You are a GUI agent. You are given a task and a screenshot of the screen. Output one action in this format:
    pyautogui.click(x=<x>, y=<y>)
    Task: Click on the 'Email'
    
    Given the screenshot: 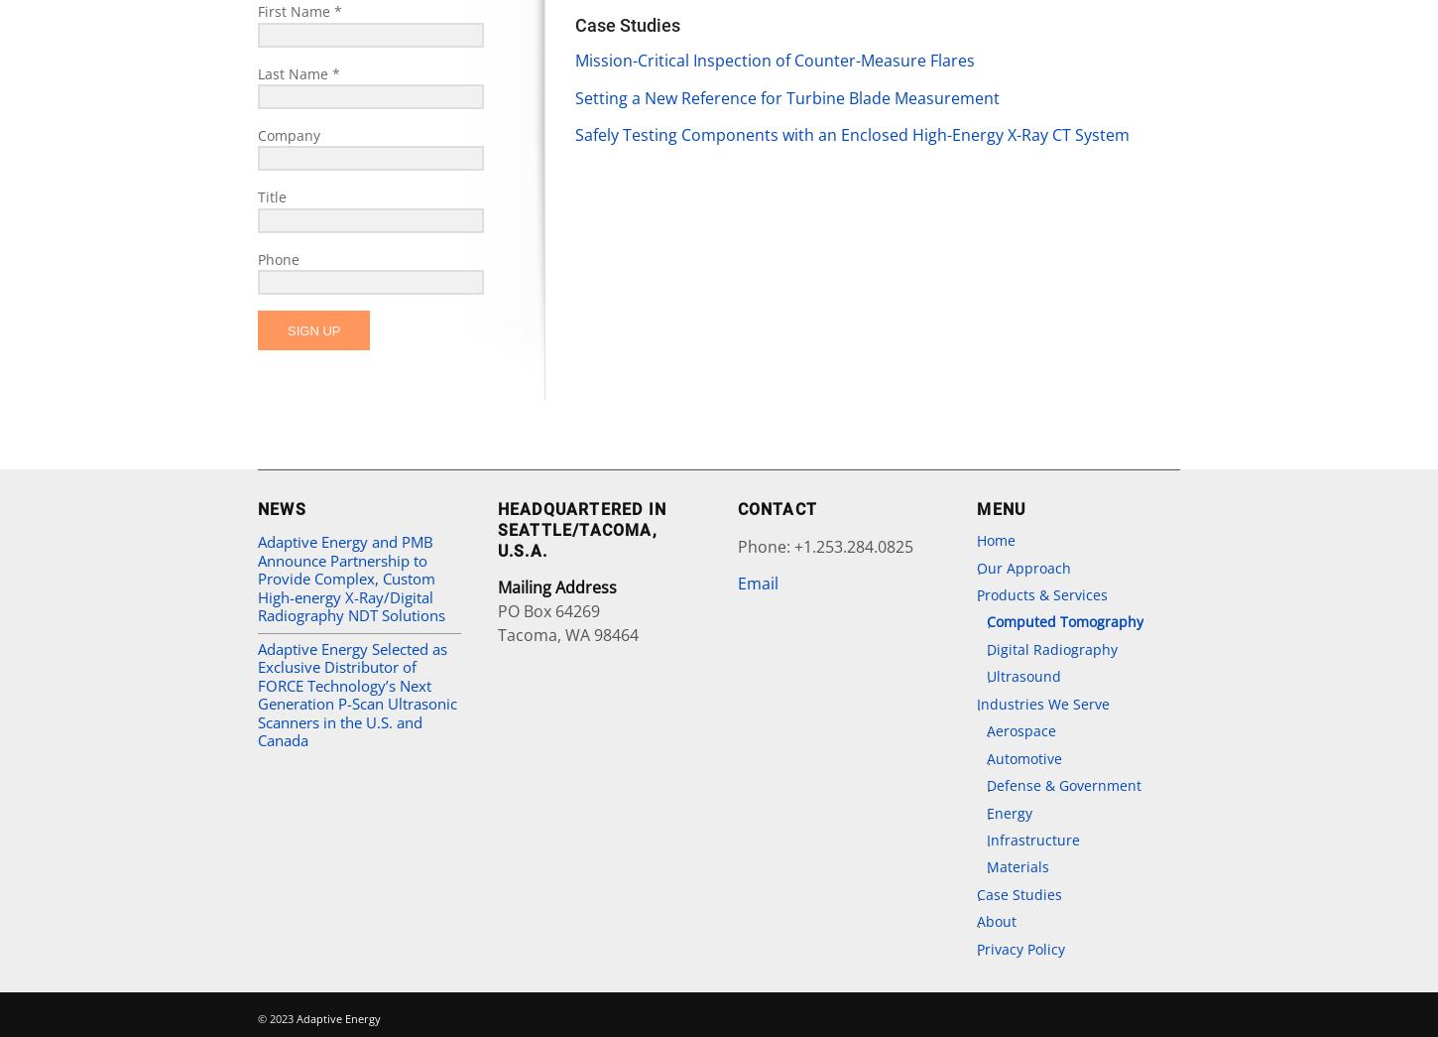 What is the action you would take?
    pyautogui.click(x=736, y=583)
    